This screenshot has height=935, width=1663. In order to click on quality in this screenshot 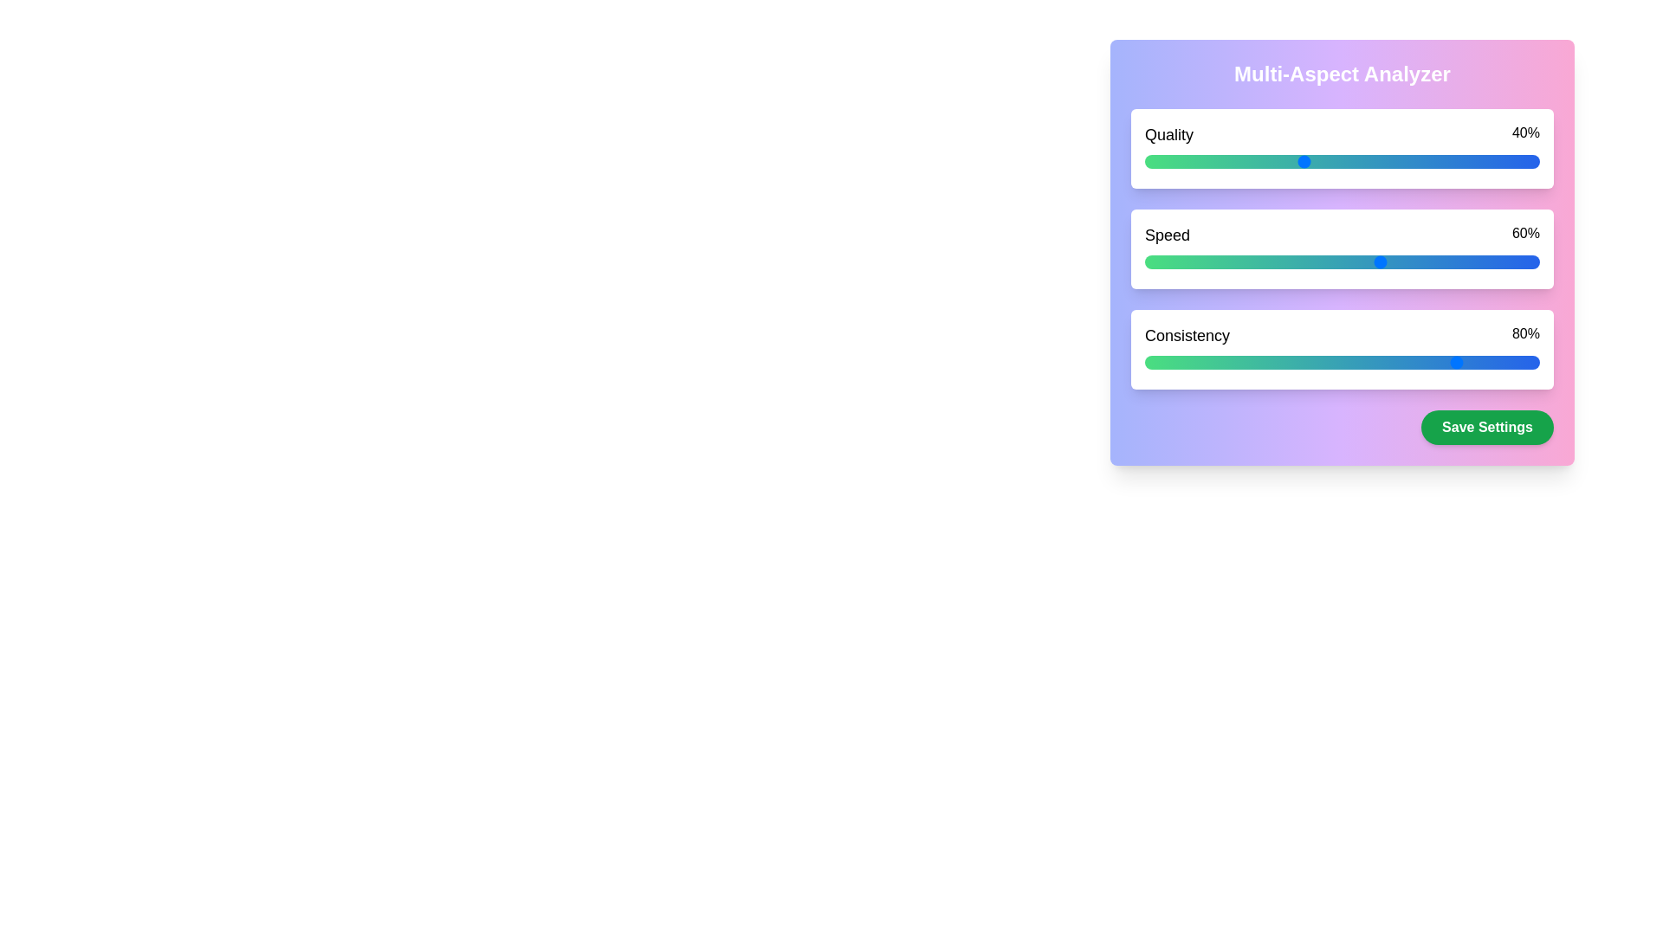, I will do `click(1381, 161)`.